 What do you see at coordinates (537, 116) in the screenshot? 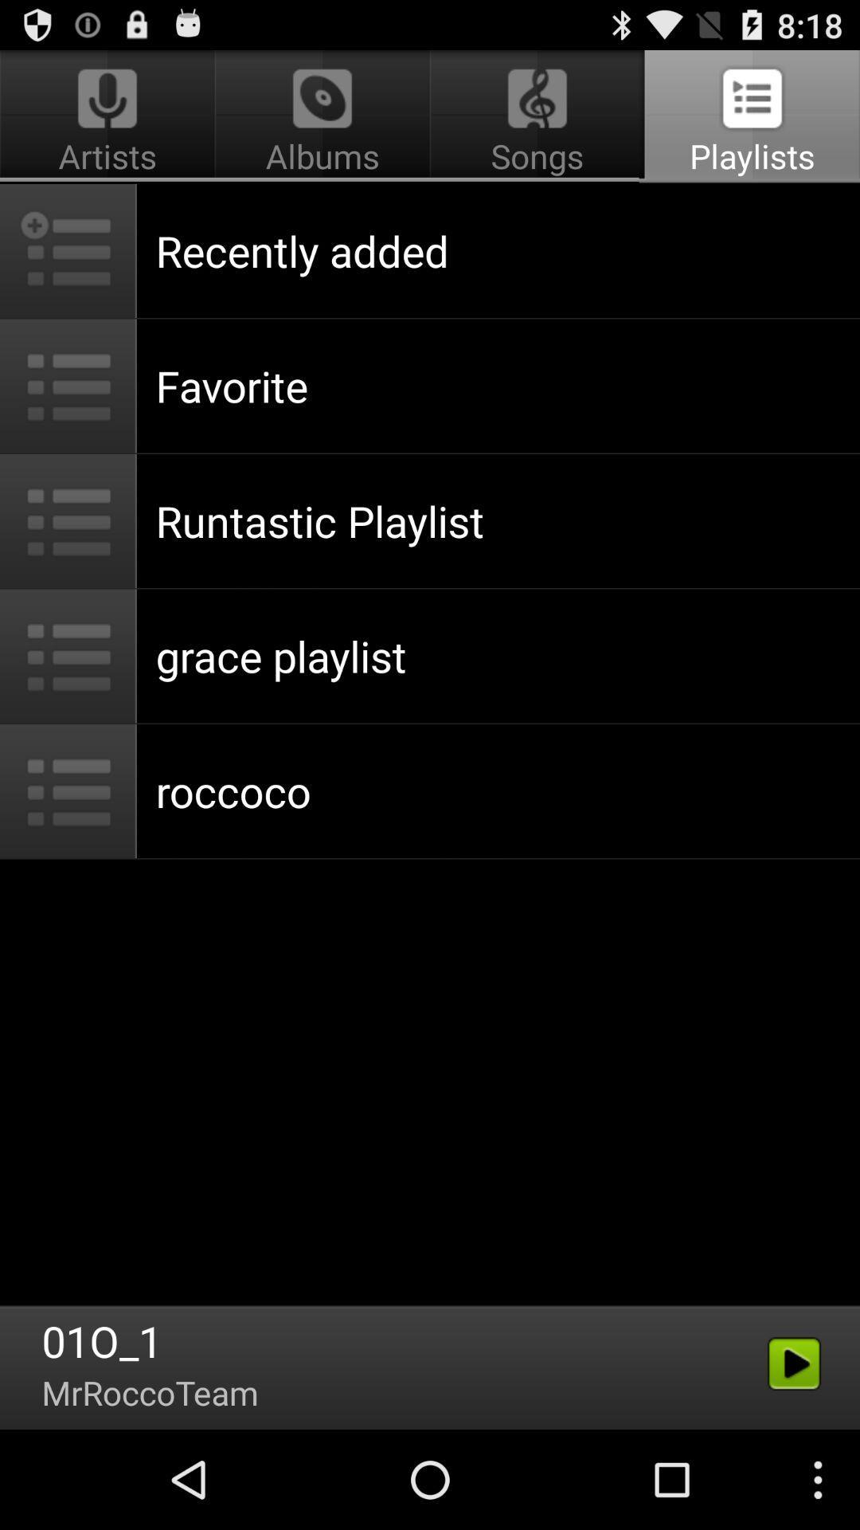
I see `the songs app` at bounding box center [537, 116].